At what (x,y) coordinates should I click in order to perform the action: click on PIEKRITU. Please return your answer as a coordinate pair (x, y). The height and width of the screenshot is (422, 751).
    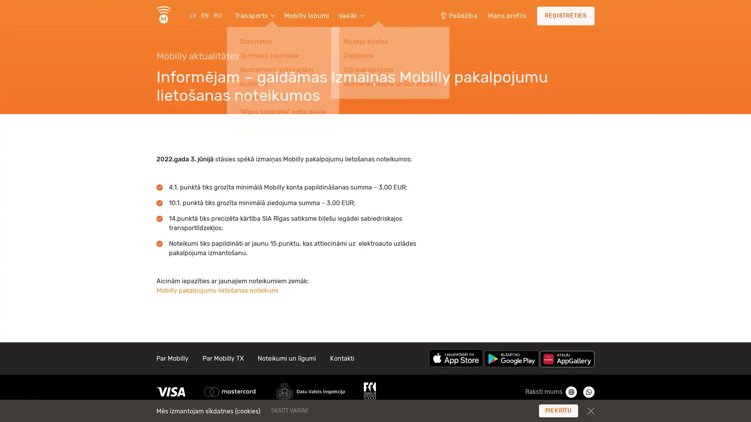
    Looking at the image, I should click on (558, 410).